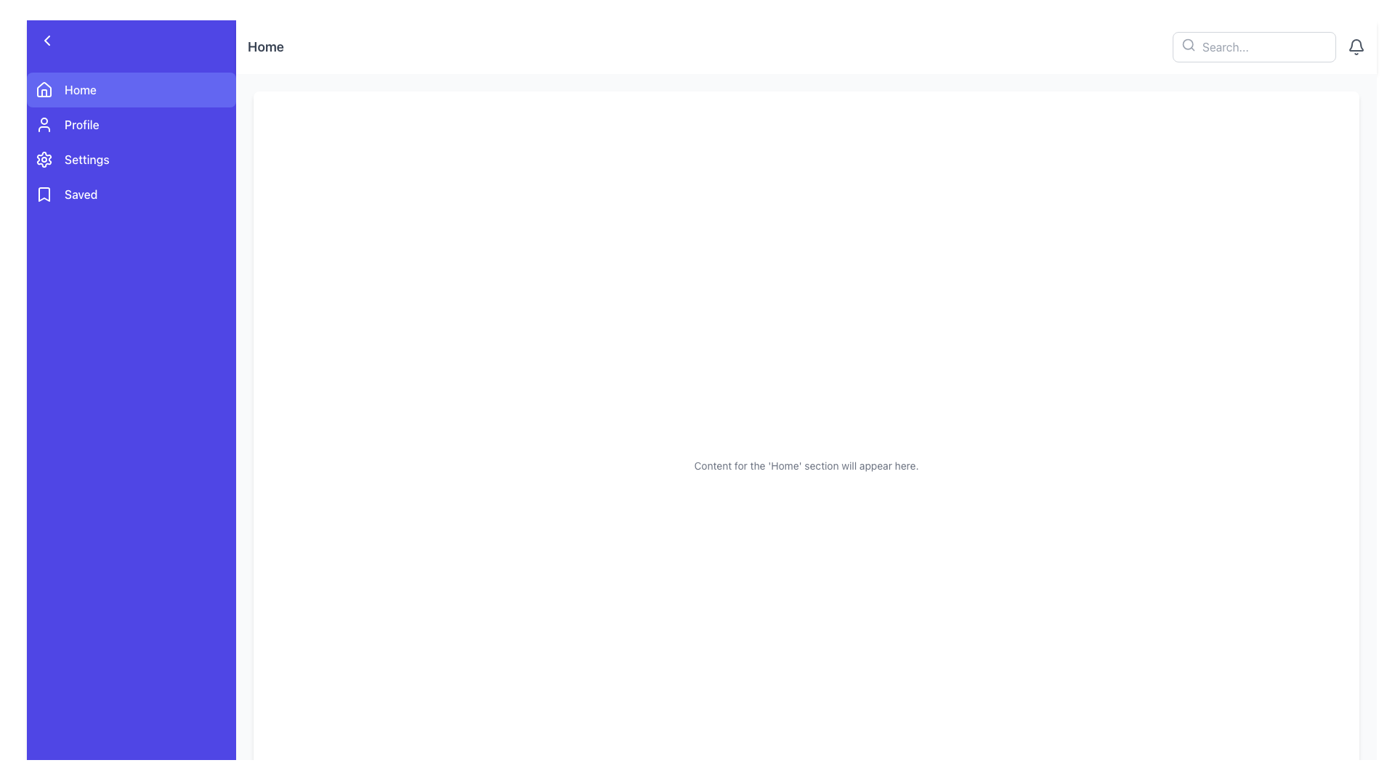 The height and width of the screenshot is (784, 1395). What do you see at coordinates (805, 46) in the screenshot?
I see `on the Navigation bar at the top of the interface` at bounding box center [805, 46].